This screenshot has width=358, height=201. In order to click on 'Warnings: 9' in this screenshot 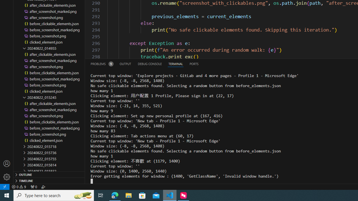, I will do `click(19, 186)`.